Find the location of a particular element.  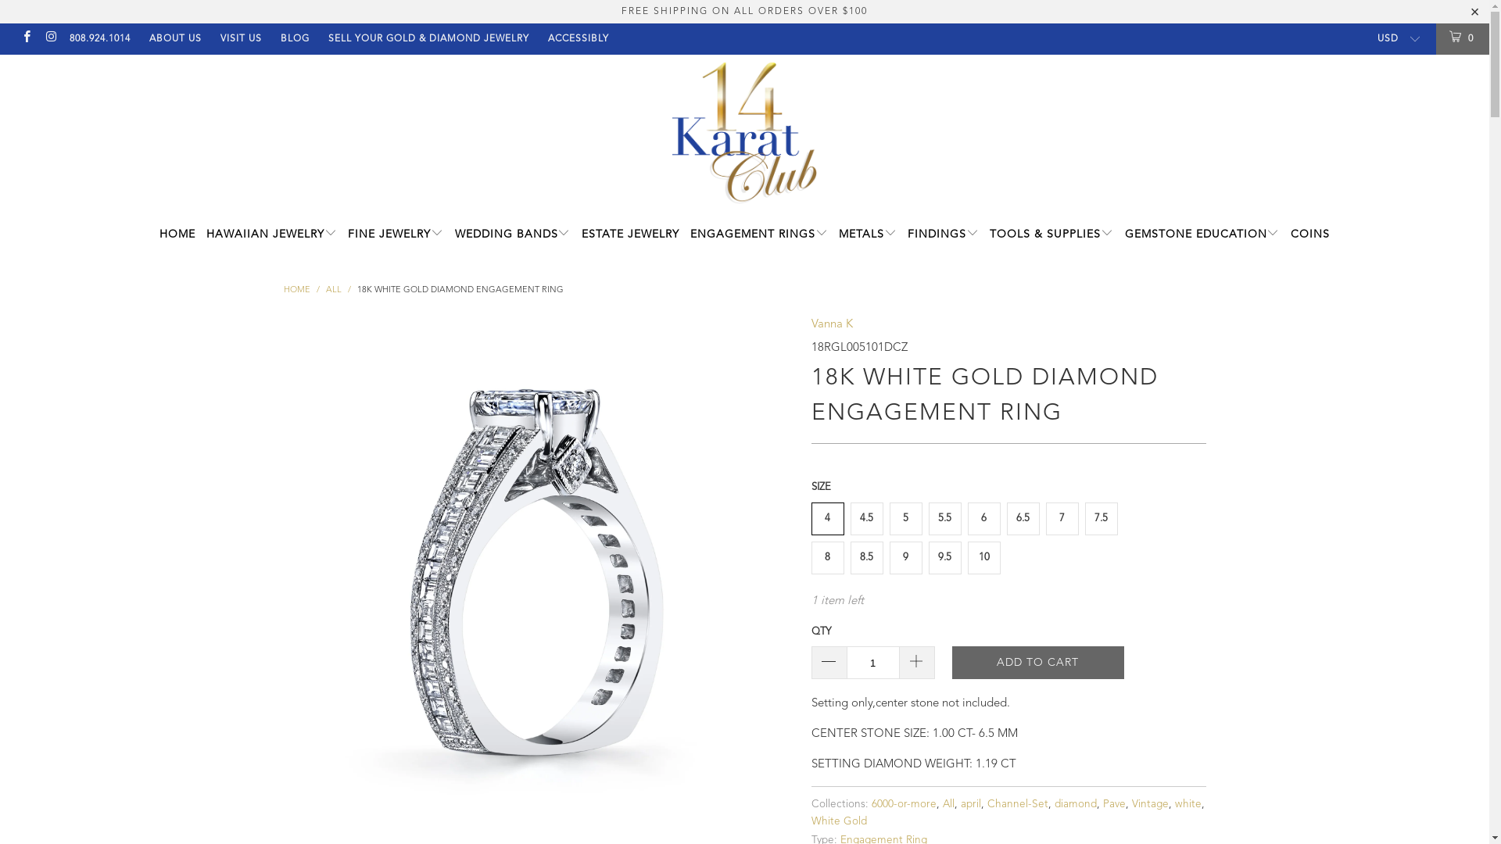

'FINDINGS' is located at coordinates (942, 234).